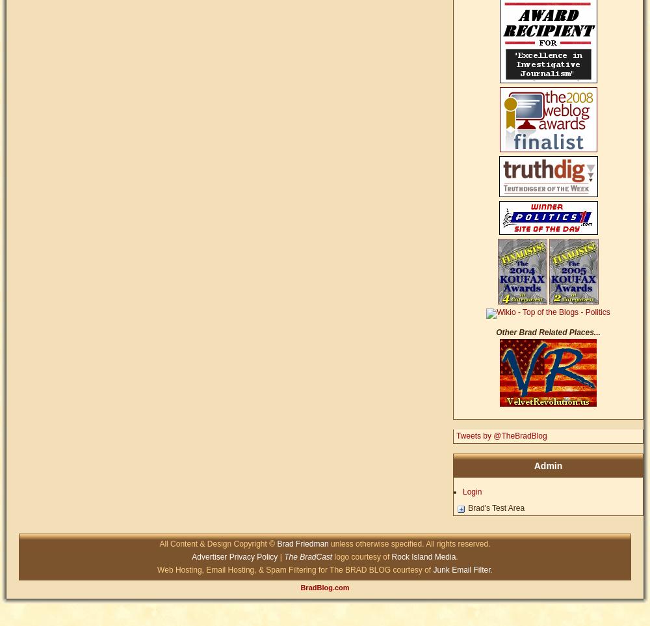  I want to click on 'Web Hosting, Email Hosting, & Spam Filtering for The BRAD BLOG courtesy of', so click(294, 569).